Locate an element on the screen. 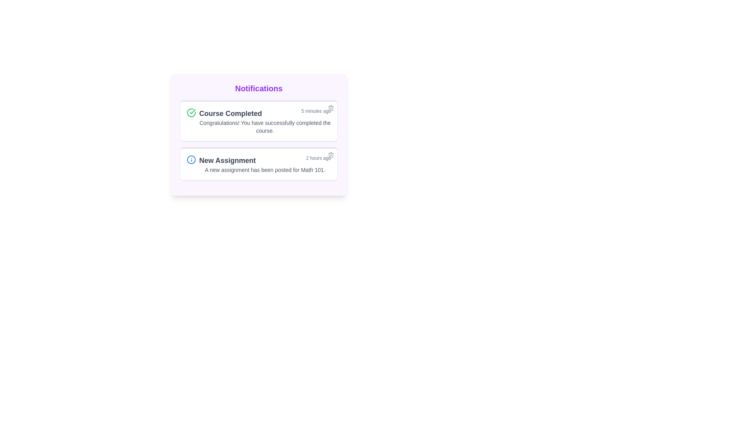 The height and width of the screenshot is (423, 753). the trash can icon button located in the upper-right corner of the 'Course Completed' notification is located at coordinates (331, 108).